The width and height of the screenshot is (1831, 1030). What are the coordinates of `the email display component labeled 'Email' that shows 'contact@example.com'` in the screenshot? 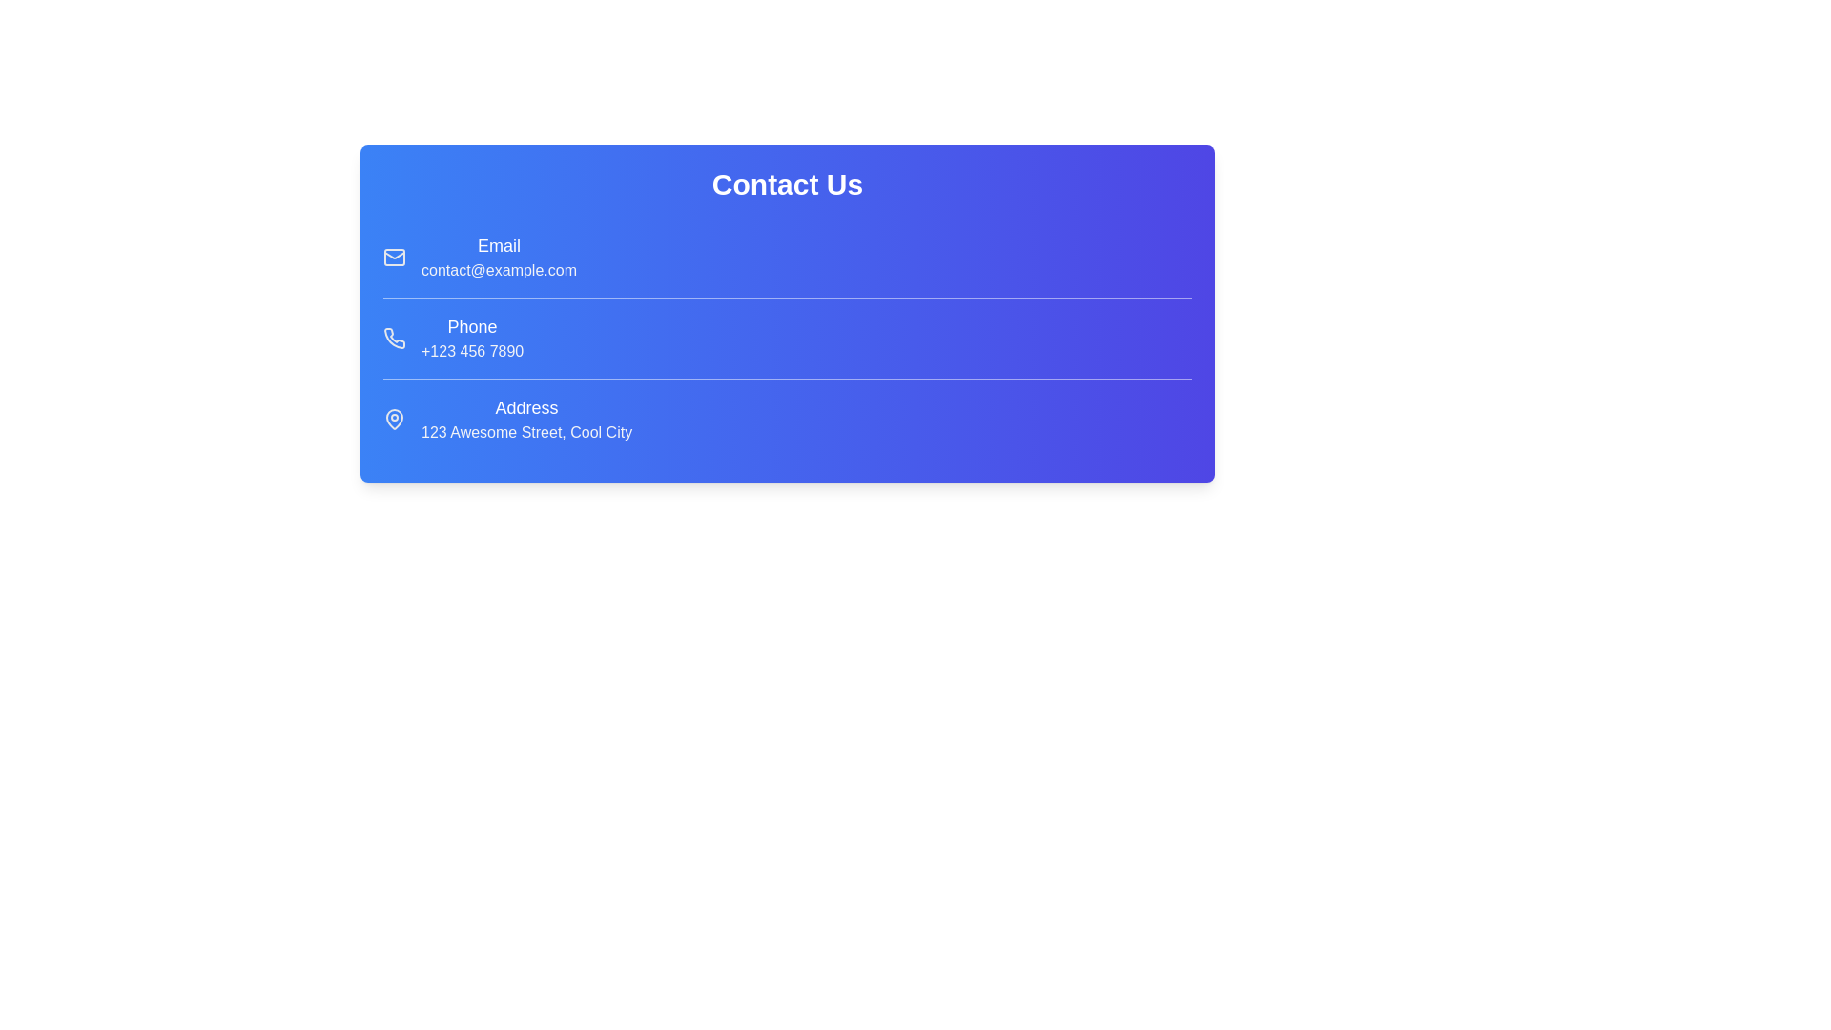 It's located at (499, 257).